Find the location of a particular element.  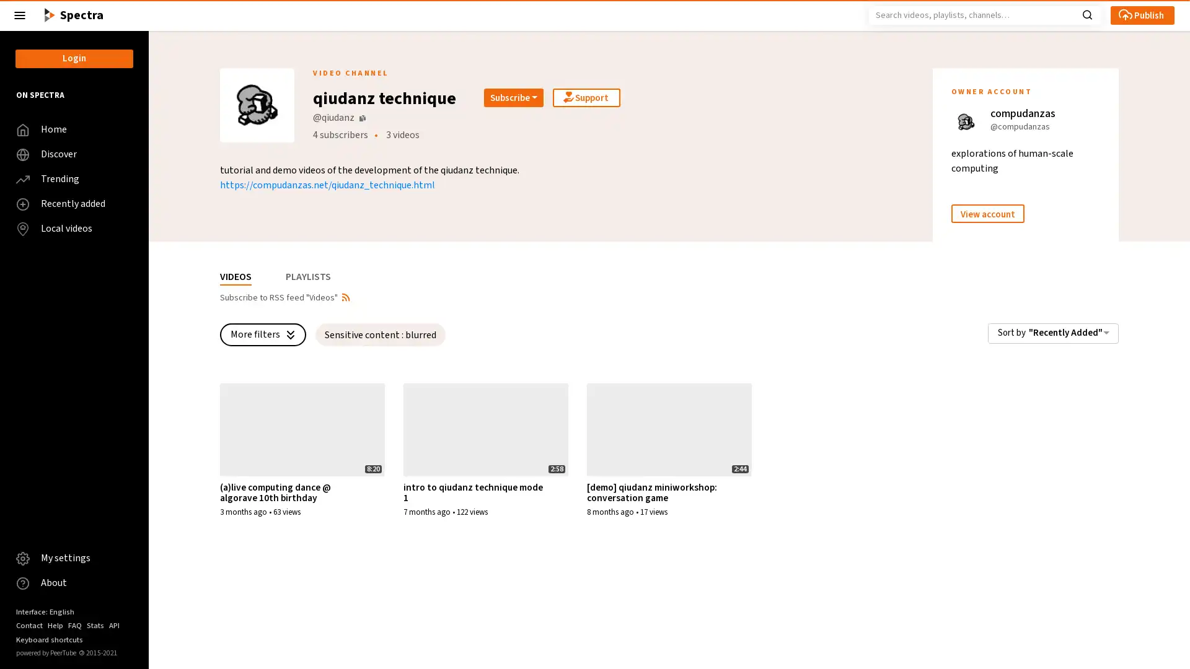

Open subscription dropdown is located at coordinates (514, 97).